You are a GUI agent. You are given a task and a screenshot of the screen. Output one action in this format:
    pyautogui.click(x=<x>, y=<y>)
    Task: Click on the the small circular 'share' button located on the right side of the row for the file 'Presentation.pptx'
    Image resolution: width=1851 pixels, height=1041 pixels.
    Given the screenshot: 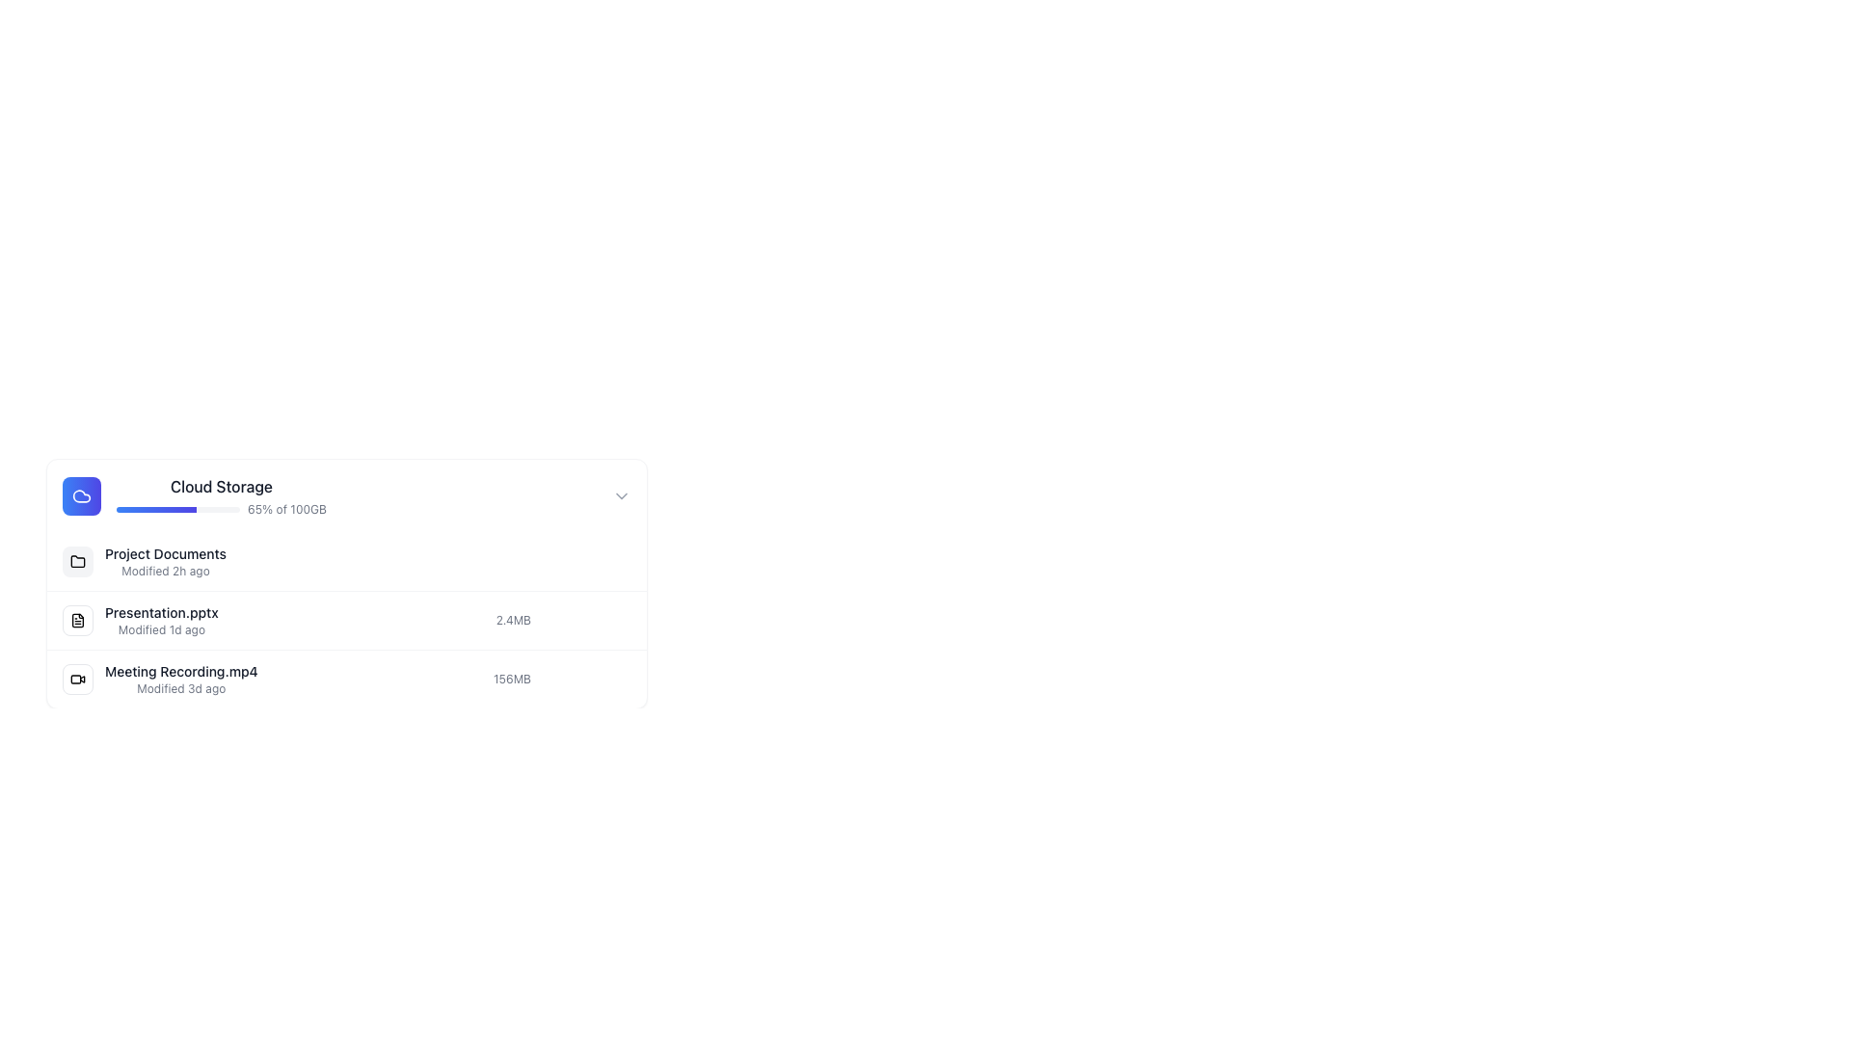 What is the action you would take?
    pyautogui.click(x=587, y=621)
    